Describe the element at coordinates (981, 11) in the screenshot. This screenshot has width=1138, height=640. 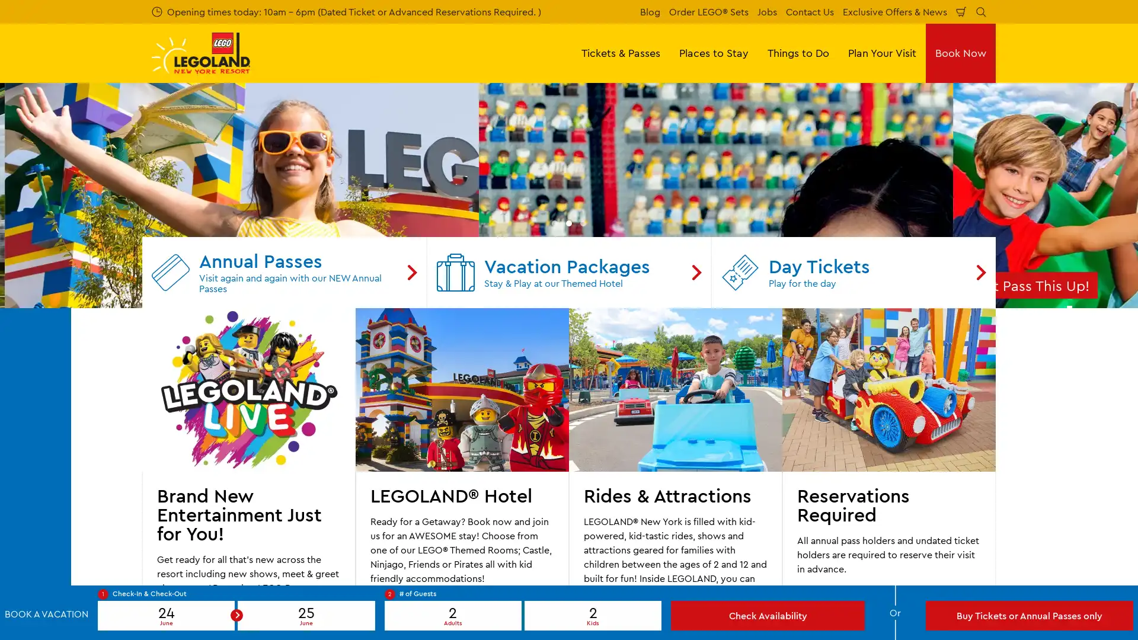
I see `sr search test` at that location.